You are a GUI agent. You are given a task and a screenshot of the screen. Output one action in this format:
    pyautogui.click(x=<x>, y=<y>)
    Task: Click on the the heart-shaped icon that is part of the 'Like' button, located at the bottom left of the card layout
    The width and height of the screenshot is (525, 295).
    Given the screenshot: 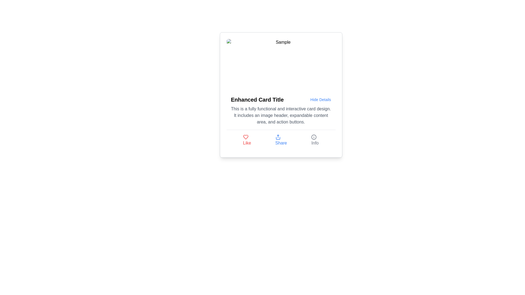 What is the action you would take?
    pyautogui.click(x=245, y=137)
    